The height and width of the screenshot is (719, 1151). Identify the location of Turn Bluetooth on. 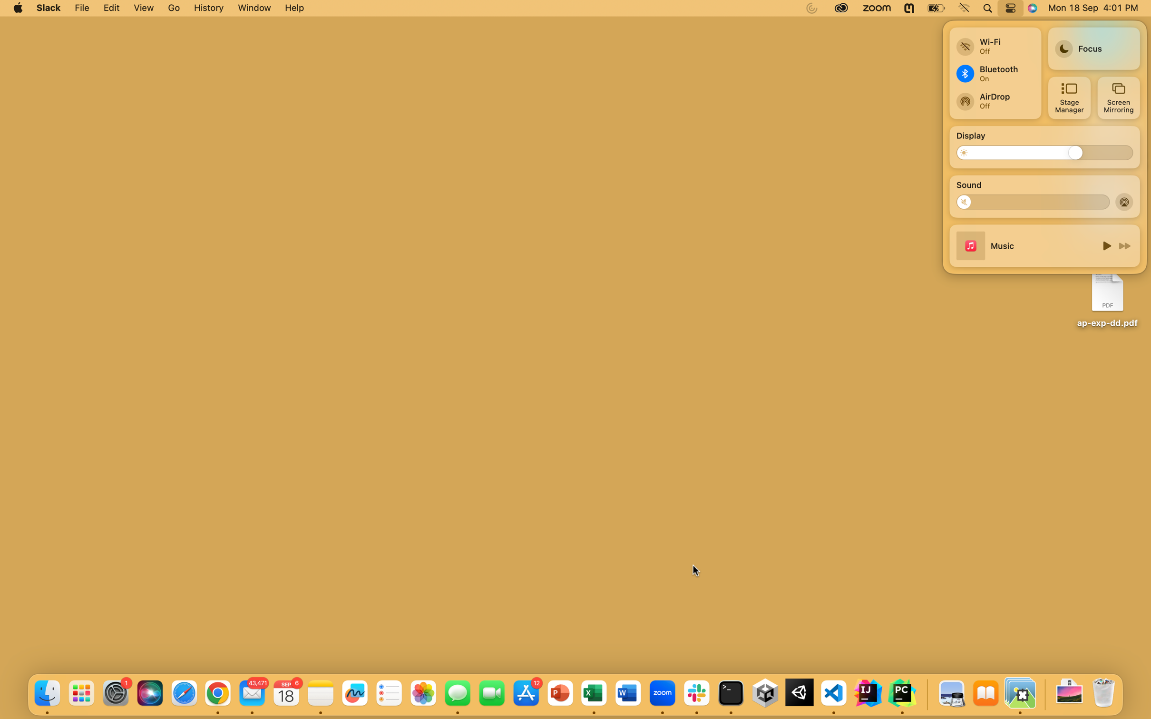
(994, 73).